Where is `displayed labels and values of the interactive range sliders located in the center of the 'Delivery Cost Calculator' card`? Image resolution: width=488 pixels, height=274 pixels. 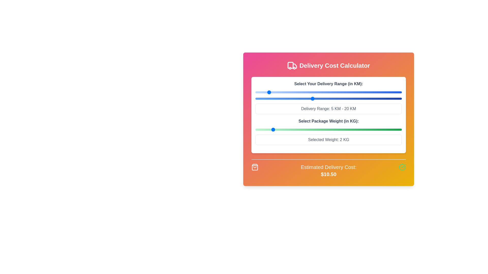 displayed labels and values of the interactive range sliders located in the center of the 'Delivery Cost Calculator' card is located at coordinates (328, 115).